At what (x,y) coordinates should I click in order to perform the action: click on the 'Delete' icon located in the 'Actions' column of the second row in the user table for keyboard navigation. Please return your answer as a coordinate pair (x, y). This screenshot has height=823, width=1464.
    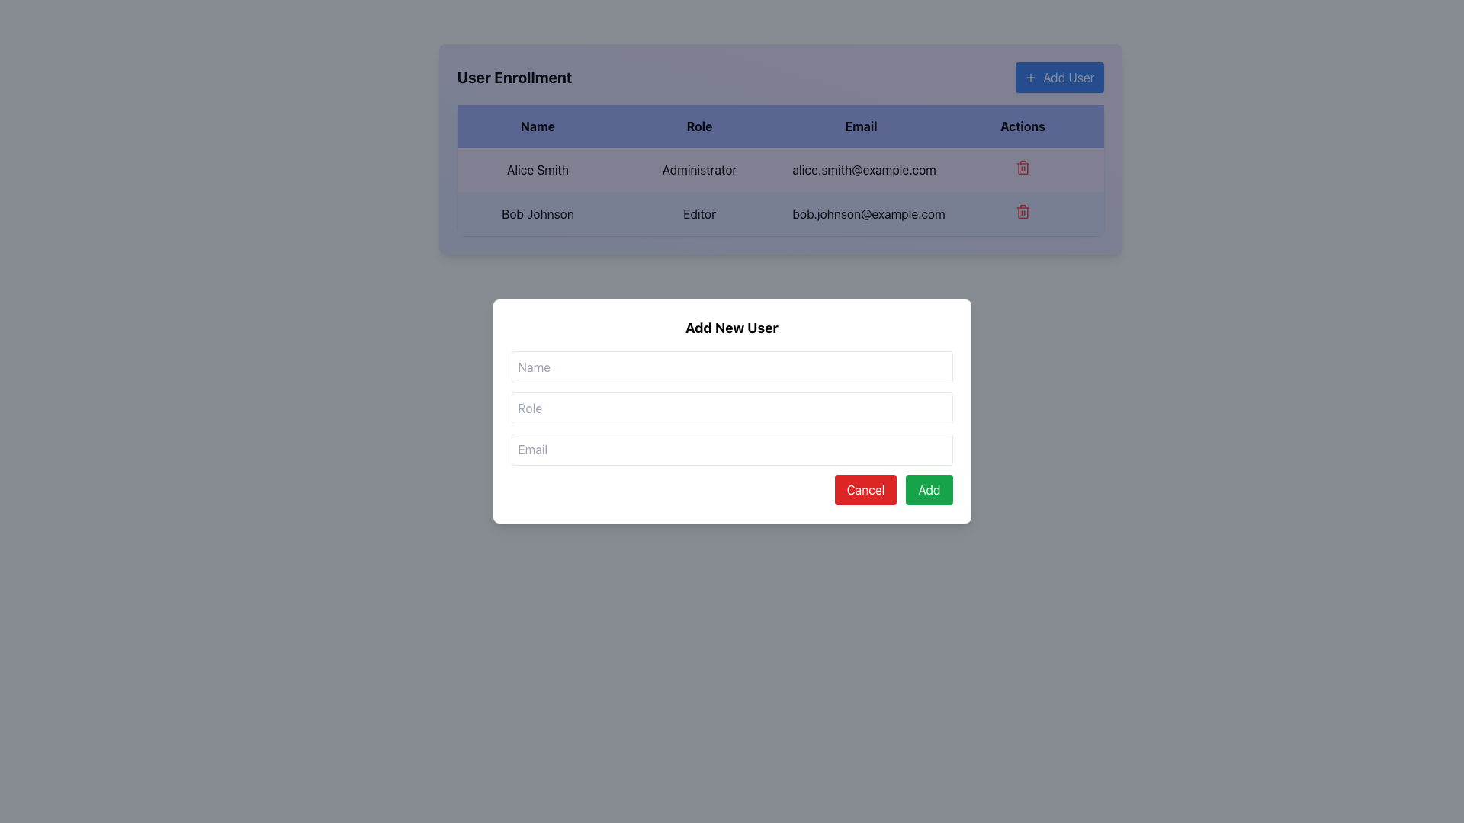
    Looking at the image, I should click on (1023, 168).